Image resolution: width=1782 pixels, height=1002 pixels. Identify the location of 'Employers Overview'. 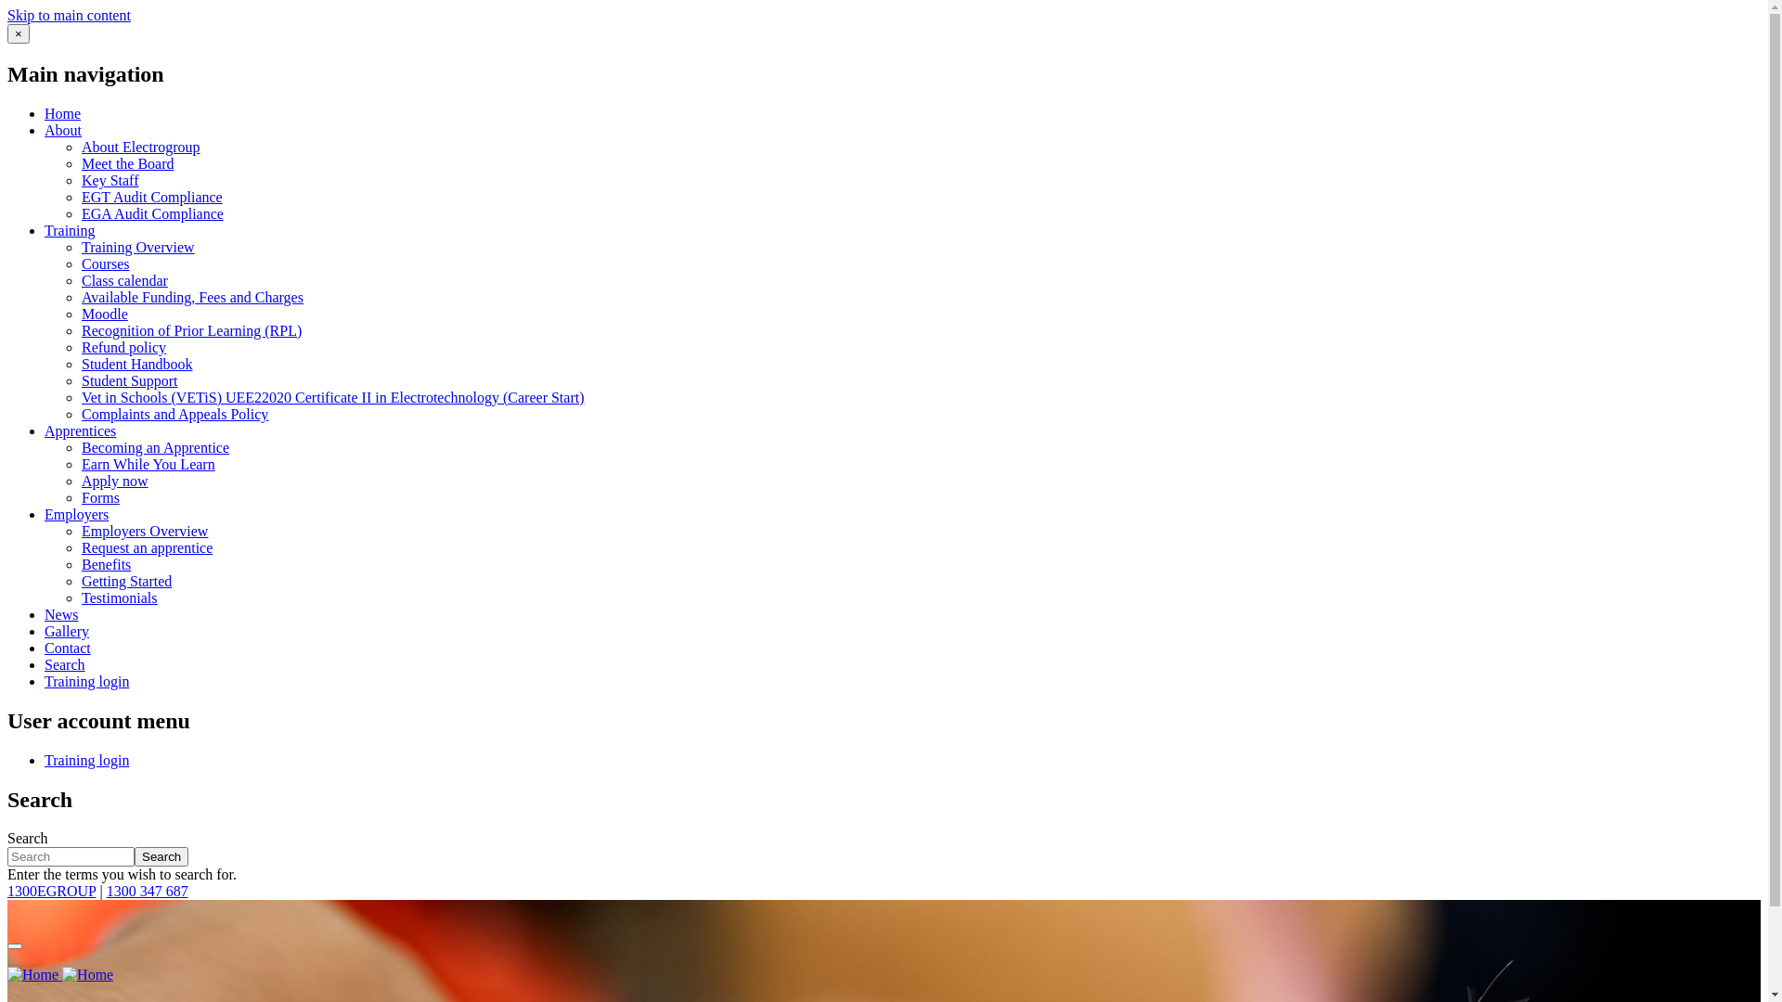
(144, 531).